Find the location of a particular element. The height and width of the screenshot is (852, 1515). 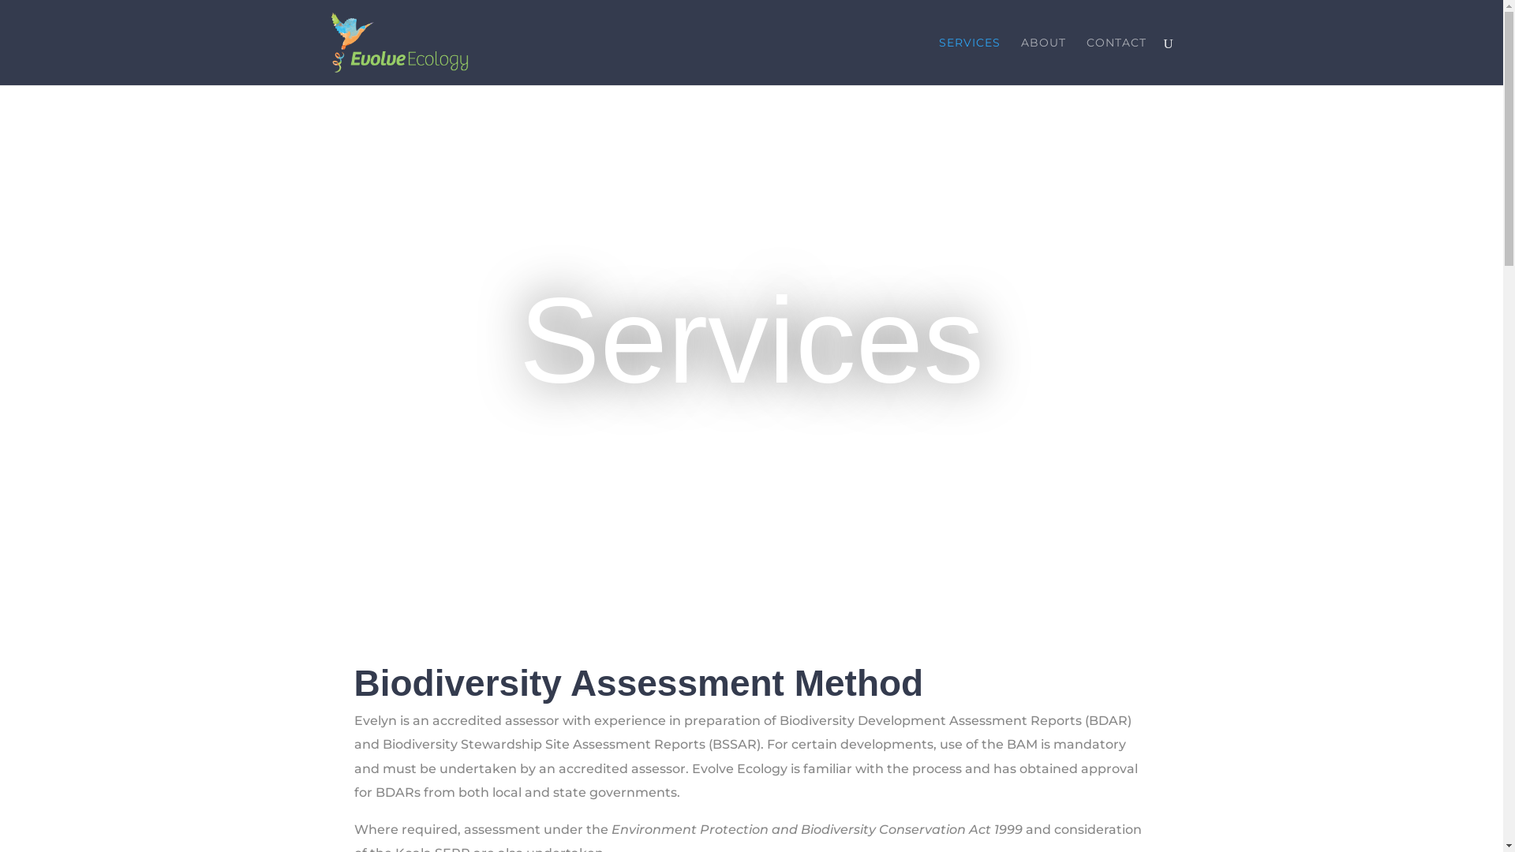

'SERVICES' is located at coordinates (968, 60).